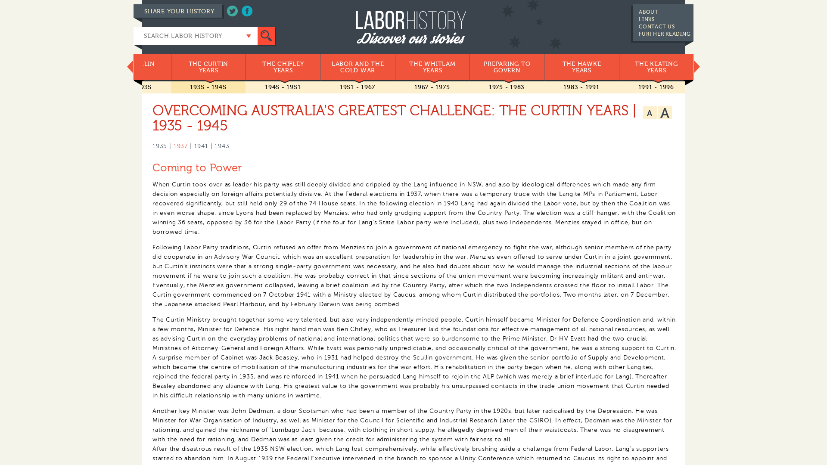 Image resolution: width=827 pixels, height=465 pixels. Describe the element at coordinates (358, 87) in the screenshot. I see `'1951 - 1967'` at that location.